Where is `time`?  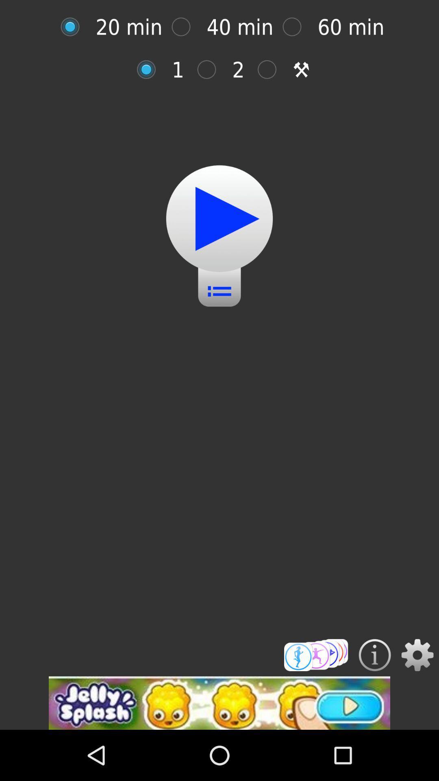
time is located at coordinates (74, 27).